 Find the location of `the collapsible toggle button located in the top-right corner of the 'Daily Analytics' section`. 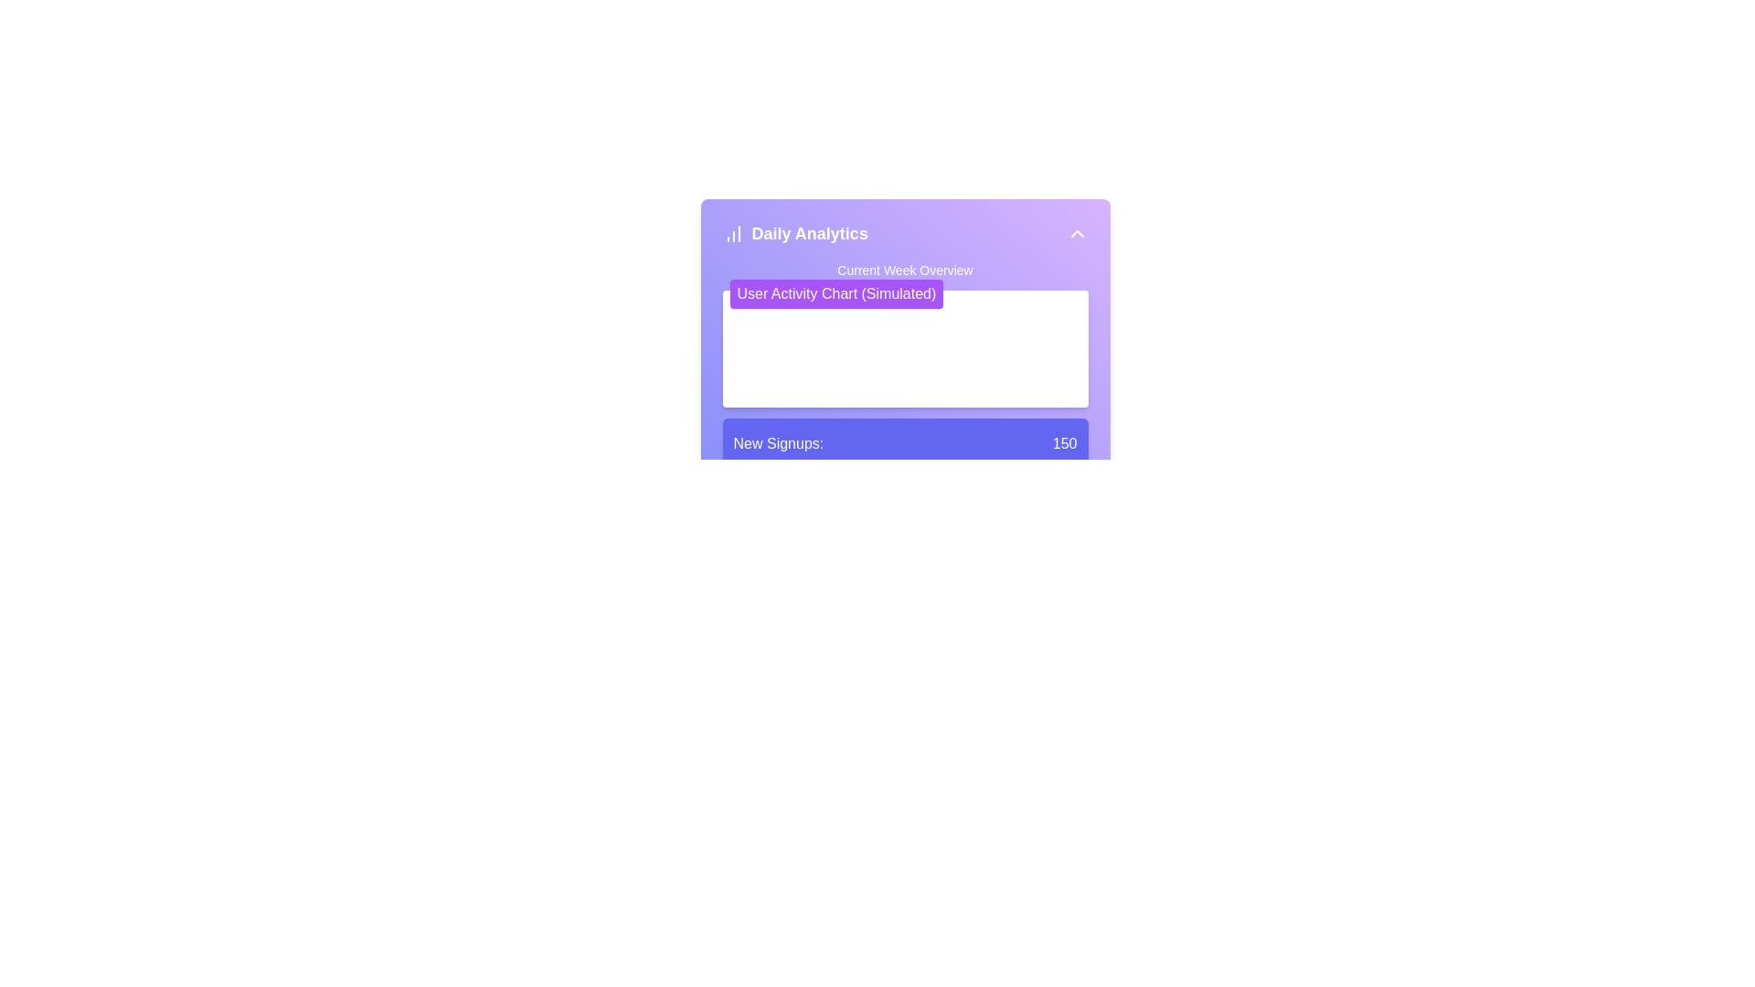

the collapsible toggle button located in the top-right corner of the 'Daily Analytics' section is located at coordinates (1077, 232).